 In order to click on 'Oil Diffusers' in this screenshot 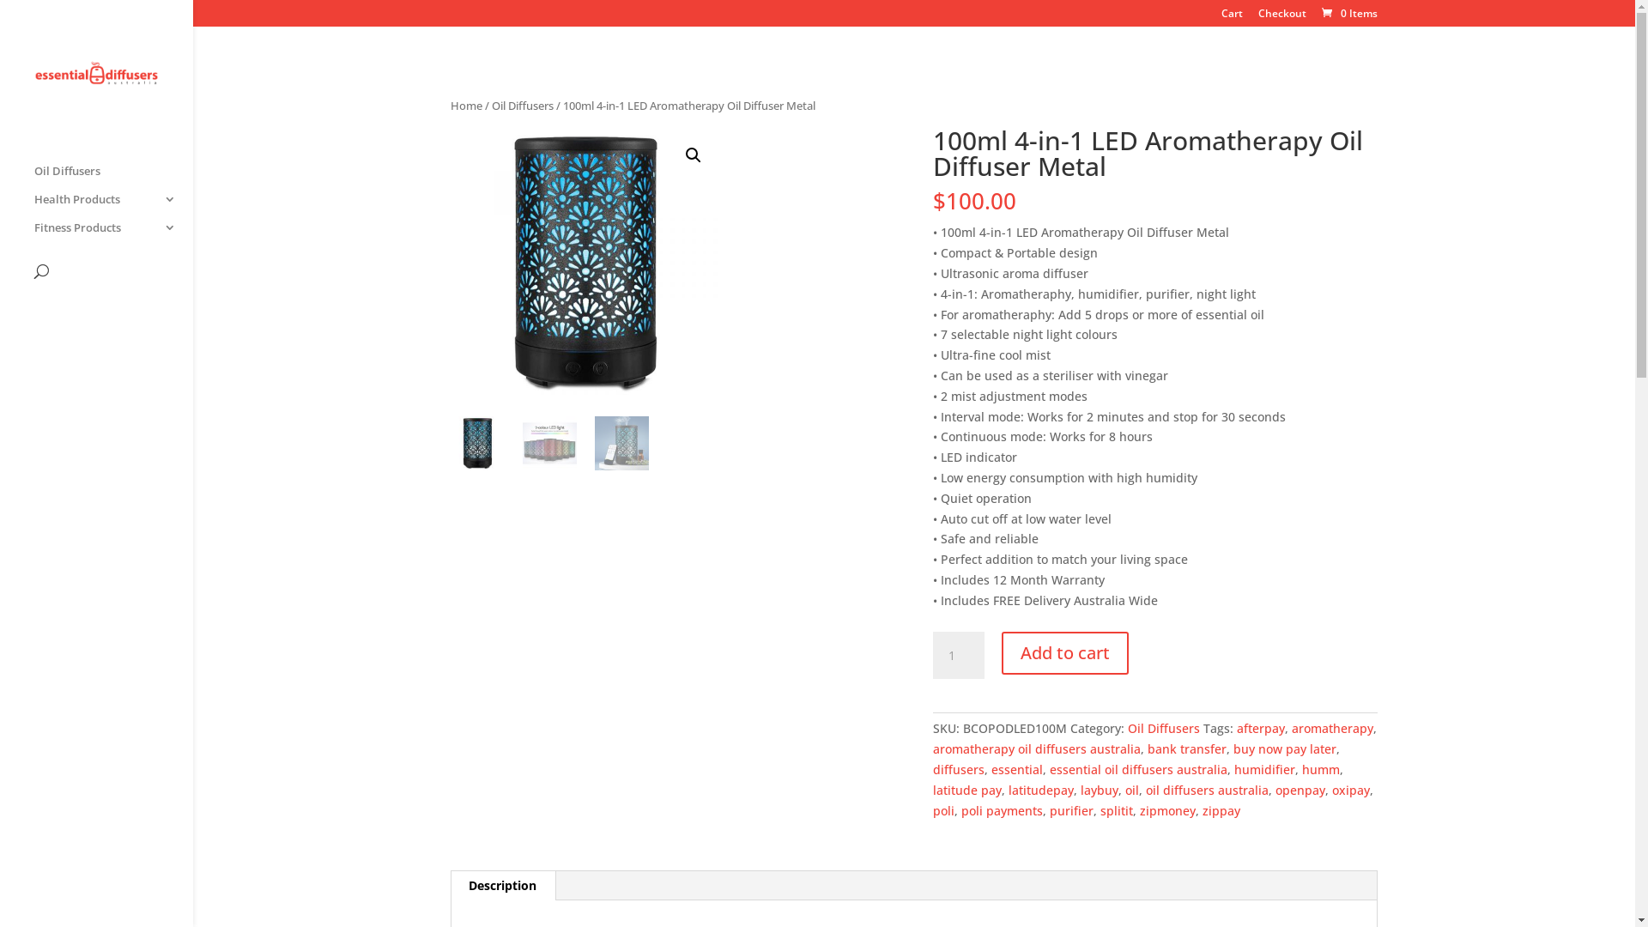, I will do `click(522, 106)`.